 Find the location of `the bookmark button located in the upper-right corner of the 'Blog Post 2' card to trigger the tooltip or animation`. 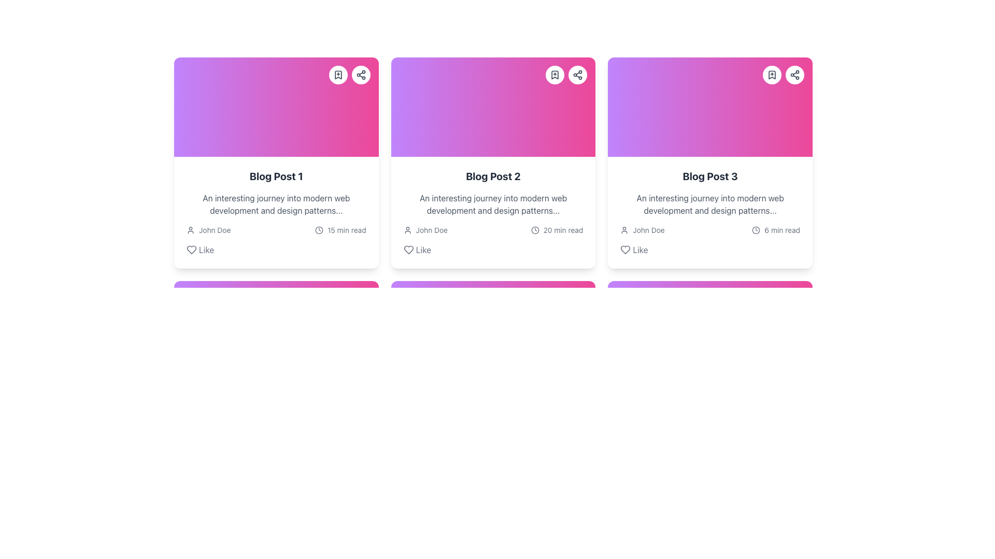

the bookmark button located in the upper-right corner of the 'Blog Post 2' card to trigger the tooltip or animation is located at coordinates (555, 75).